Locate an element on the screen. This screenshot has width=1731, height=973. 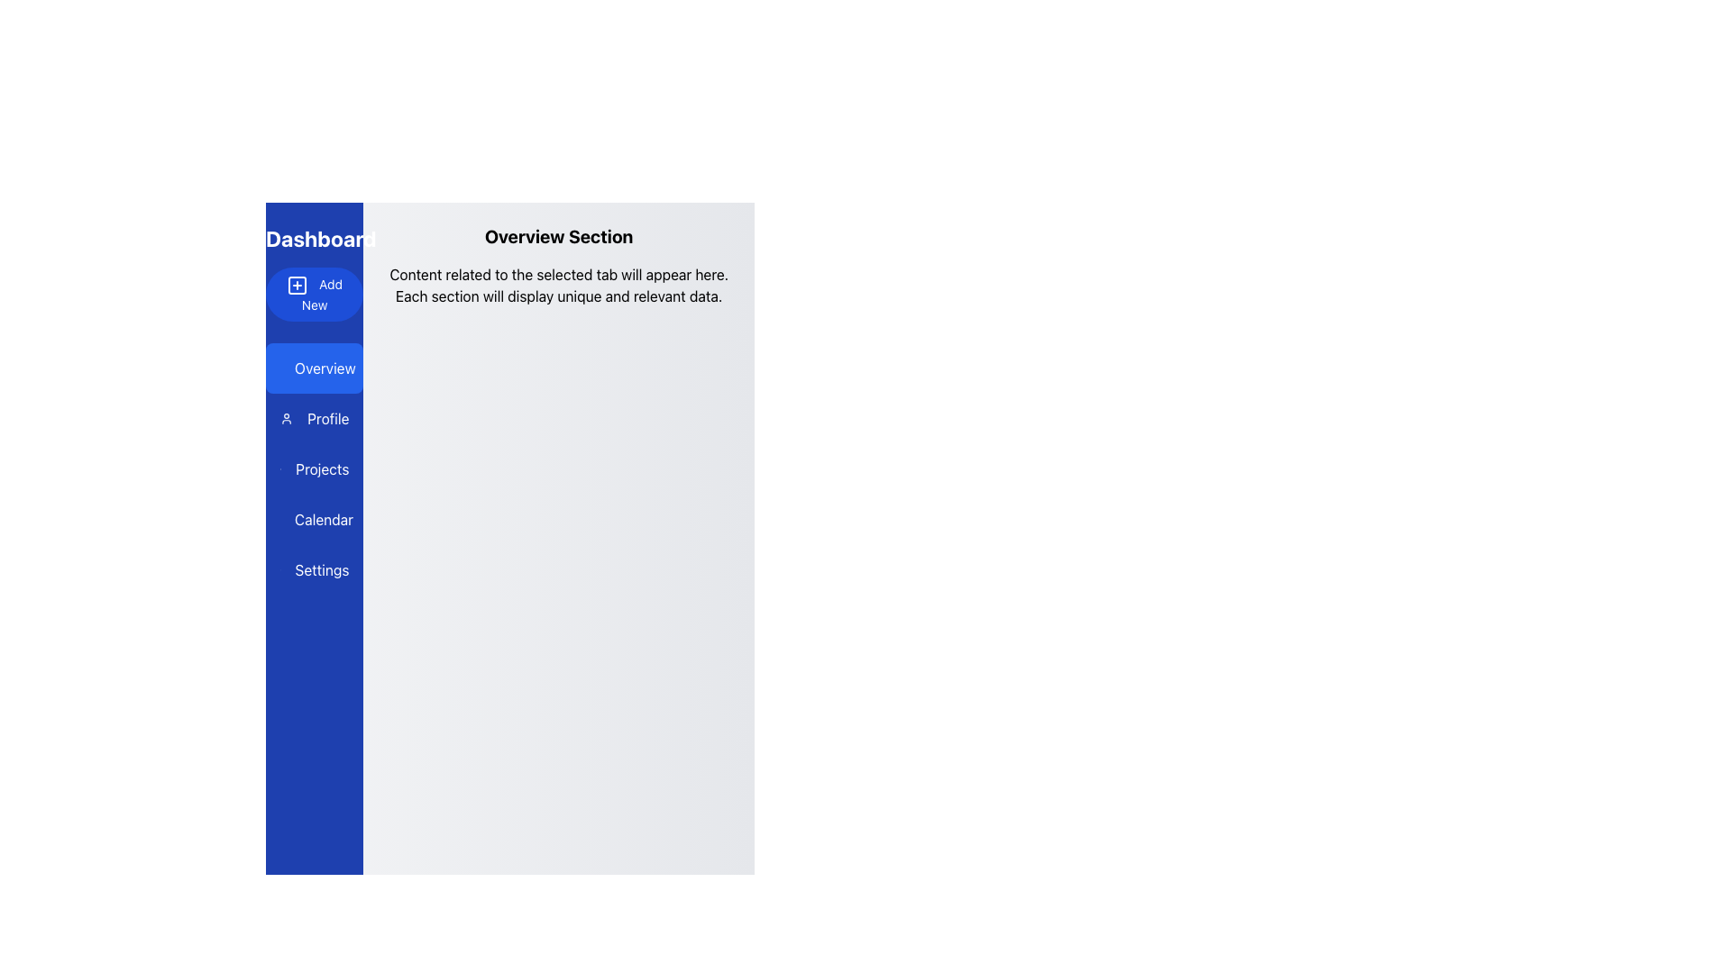
the 'Projects' text label in the sidebar navigation menu is located at coordinates (322, 468).